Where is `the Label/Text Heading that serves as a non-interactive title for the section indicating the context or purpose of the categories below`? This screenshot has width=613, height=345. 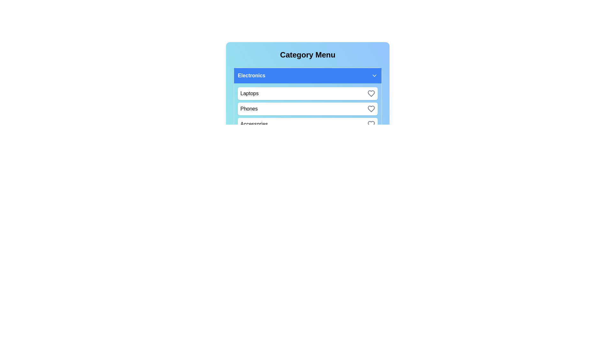
the Label/Text Heading that serves as a non-interactive title for the section indicating the context or purpose of the categories below is located at coordinates (308, 55).